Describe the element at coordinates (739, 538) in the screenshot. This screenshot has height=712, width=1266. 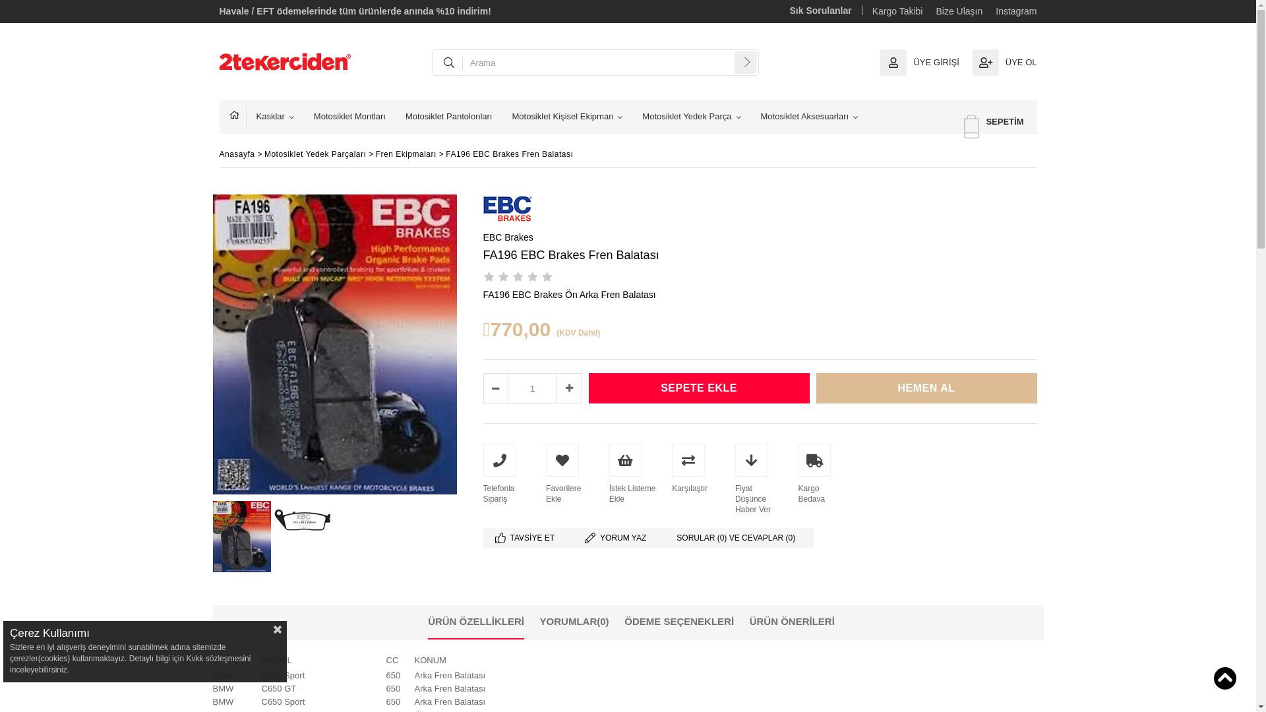
I see `'SORULAR (0) VE CEVAPLAR (0)'` at that location.